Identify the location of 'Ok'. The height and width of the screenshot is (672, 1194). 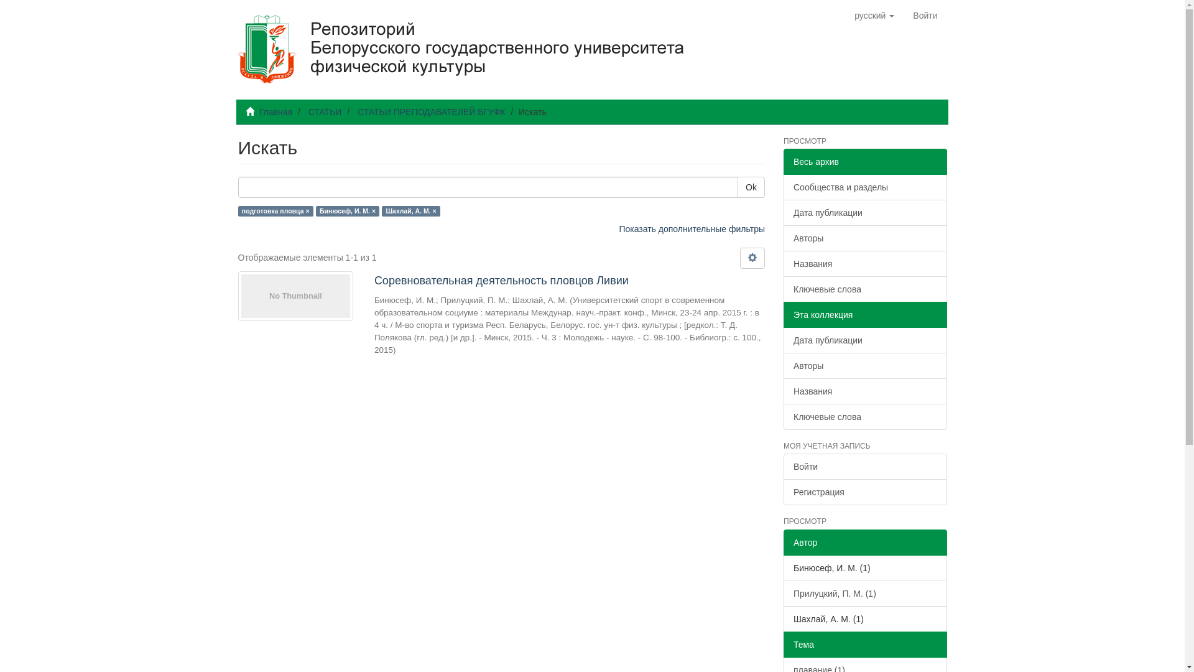
(751, 187).